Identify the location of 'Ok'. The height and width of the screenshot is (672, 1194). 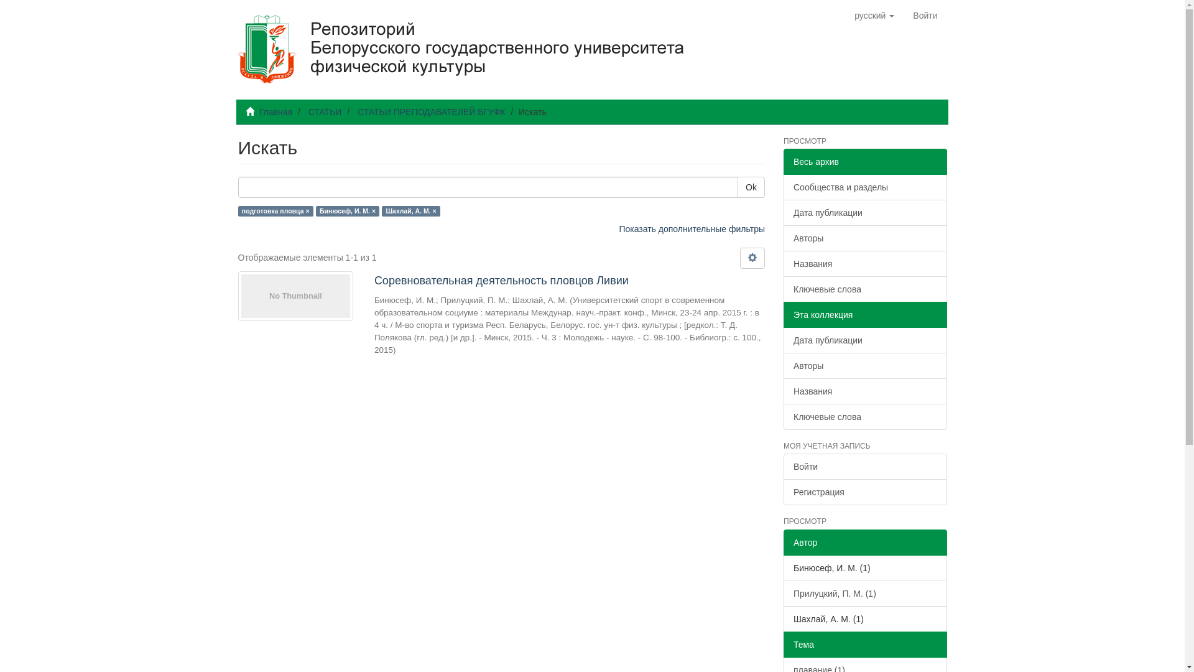
(751, 187).